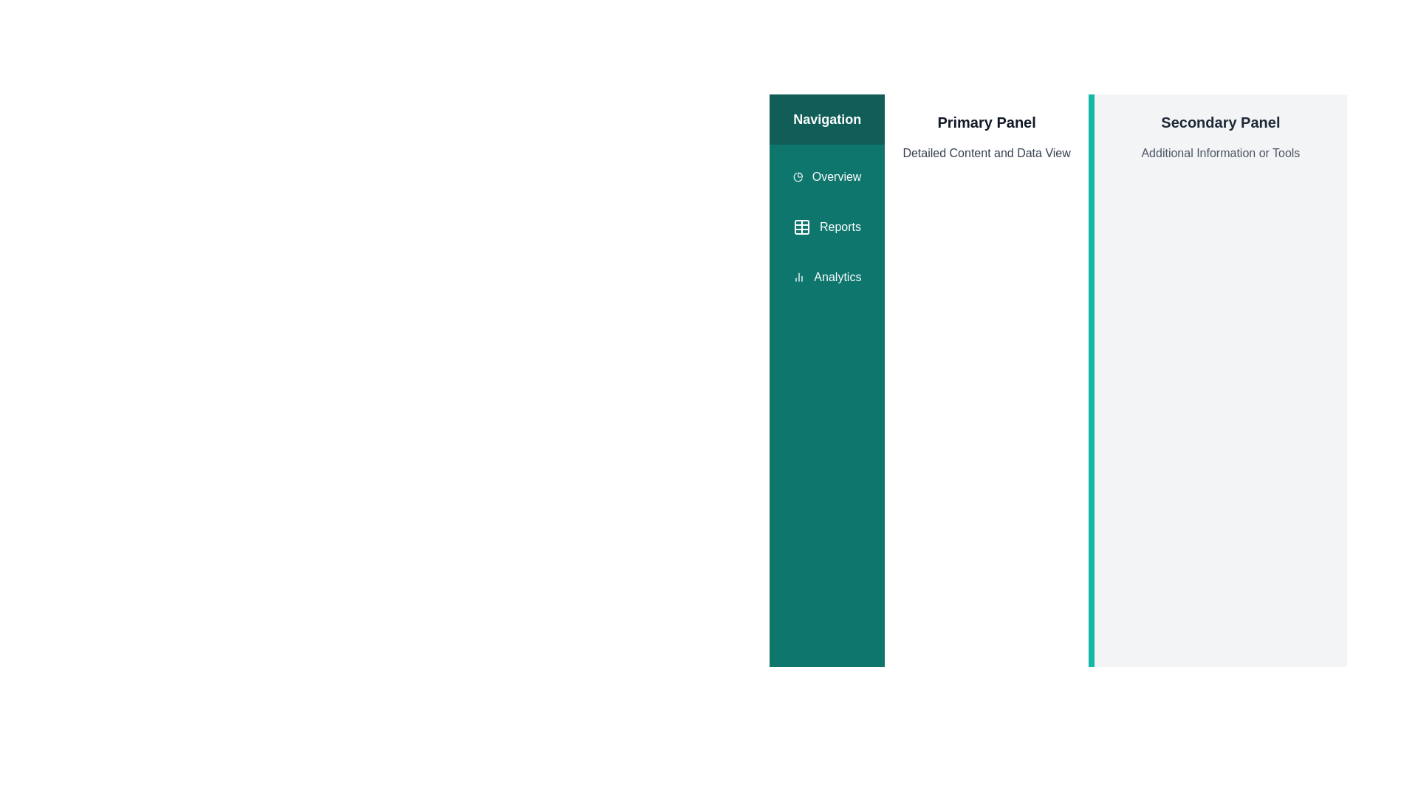 This screenshot has width=1418, height=797. I want to click on the 'Overview' icon, which is the leftmost icon in the navigation menu on the left-hand side, so click(797, 176).